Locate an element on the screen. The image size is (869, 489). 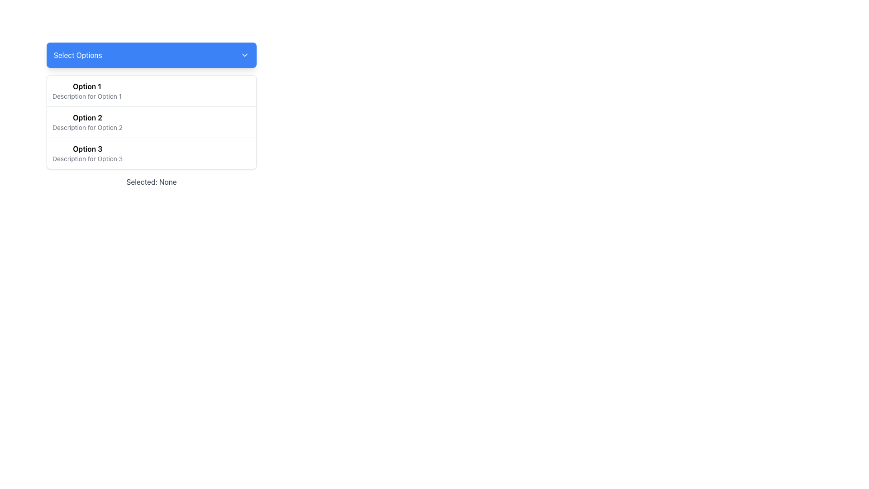
the static text label that provides supplementary information about 'Option 3' in the dropdown list is located at coordinates (87, 158).